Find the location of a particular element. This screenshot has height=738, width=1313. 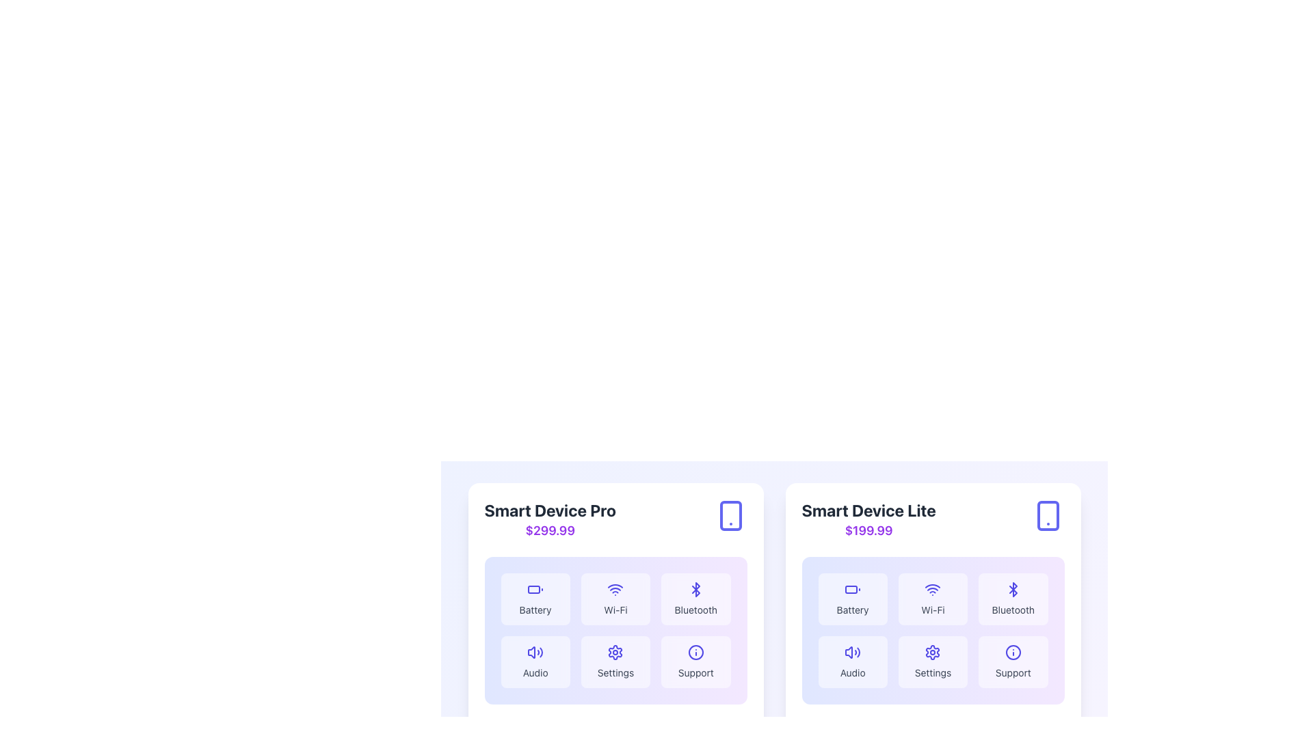

the Bluetooth button, which features an indigo blue Bluetooth icon and the text 'Bluetooth' in gray is located at coordinates (1013, 598).